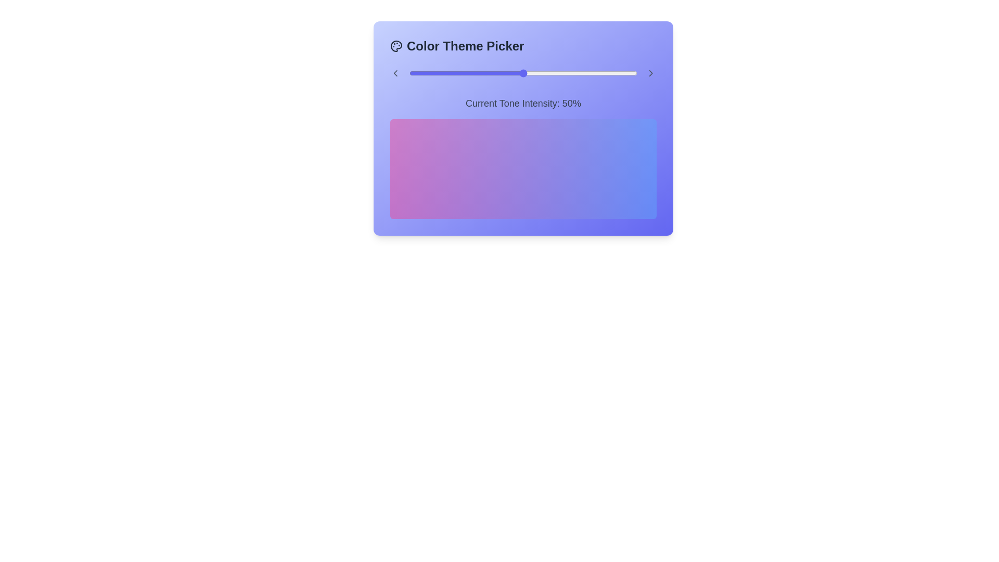 Image resolution: width=999 pixels, height=562 pixels. What do you see at coordinates (627, 73) in the screenshot?
I see `the slider to set the color intensity to 96%` at bounding box center [627, 73].